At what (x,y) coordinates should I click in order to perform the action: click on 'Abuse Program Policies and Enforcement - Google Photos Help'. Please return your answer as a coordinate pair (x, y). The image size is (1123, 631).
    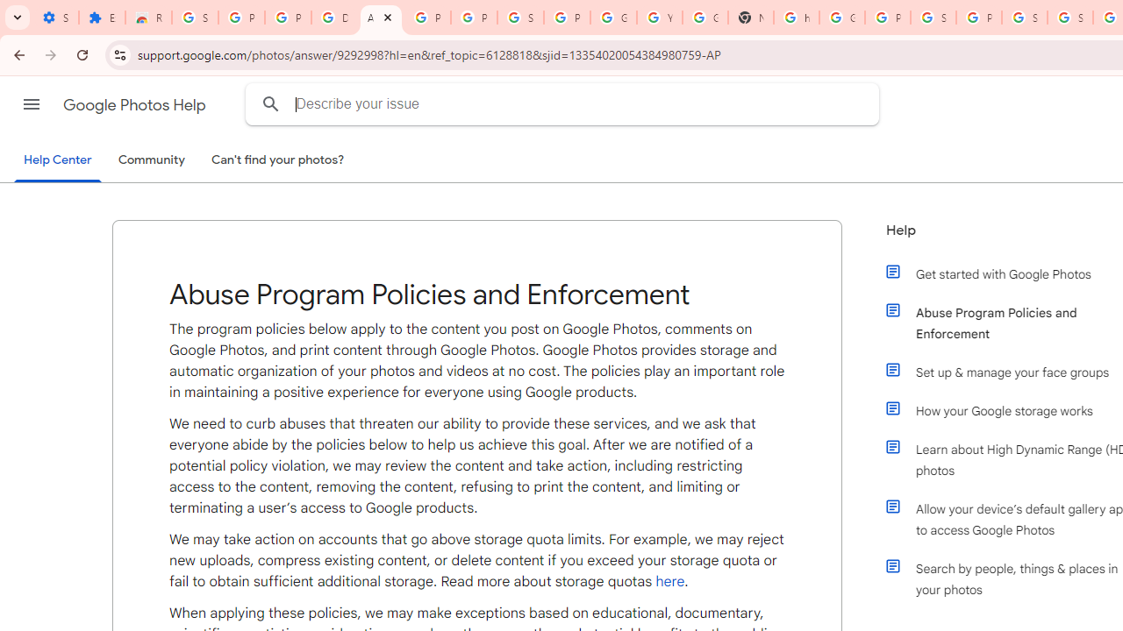
    Looking at the image, I should click on (380, 18).